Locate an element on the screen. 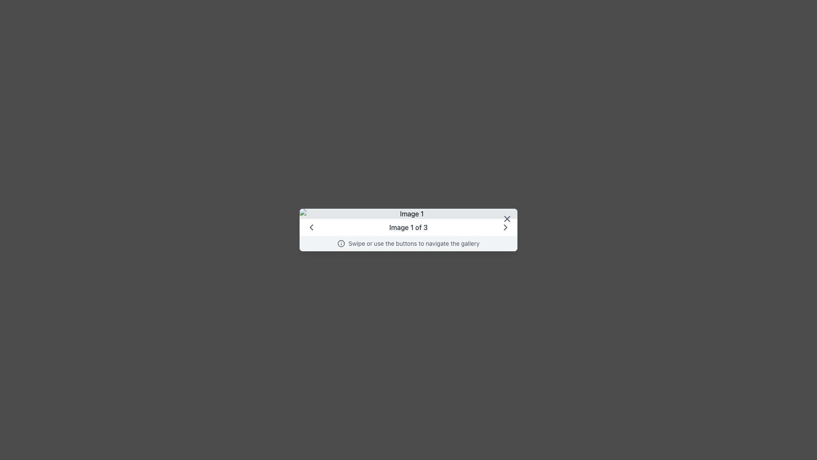 The image size is (817, 460). the left chevron navigation button that allows users to move to the previous image in the gallery to change its color is located at coordinates (311, 227).